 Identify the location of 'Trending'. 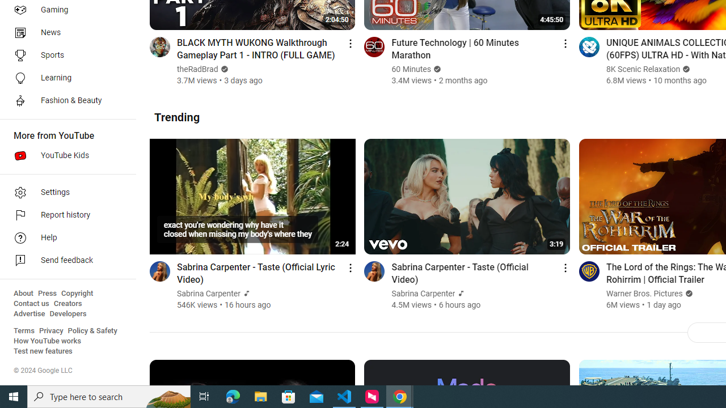
(176, 117).